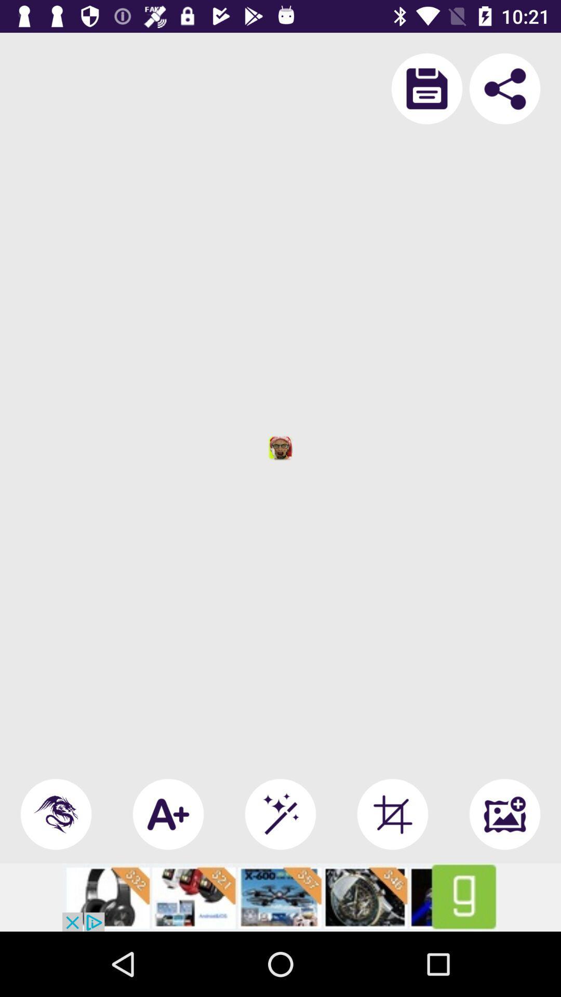 This screenshot has height=997, width=561. I want to click on the share icon, so click(504, 89).